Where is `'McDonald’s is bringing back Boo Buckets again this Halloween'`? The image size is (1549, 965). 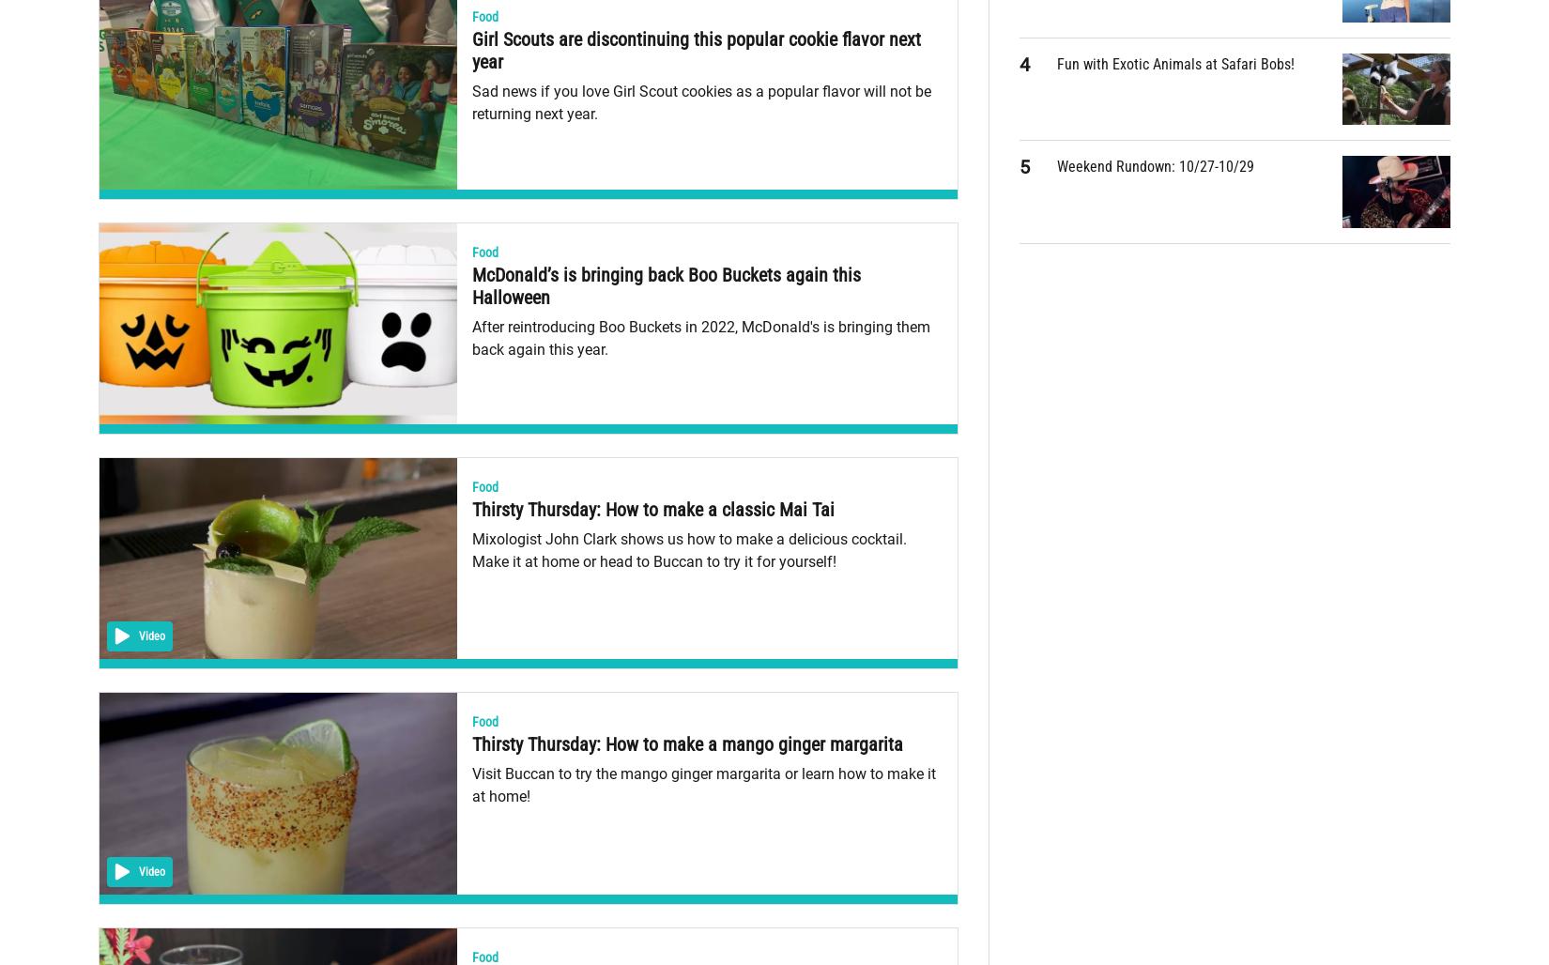 'McDonald’s is bringing back Boo Buckets again this Halloween' is located at coordinates (665, 284).